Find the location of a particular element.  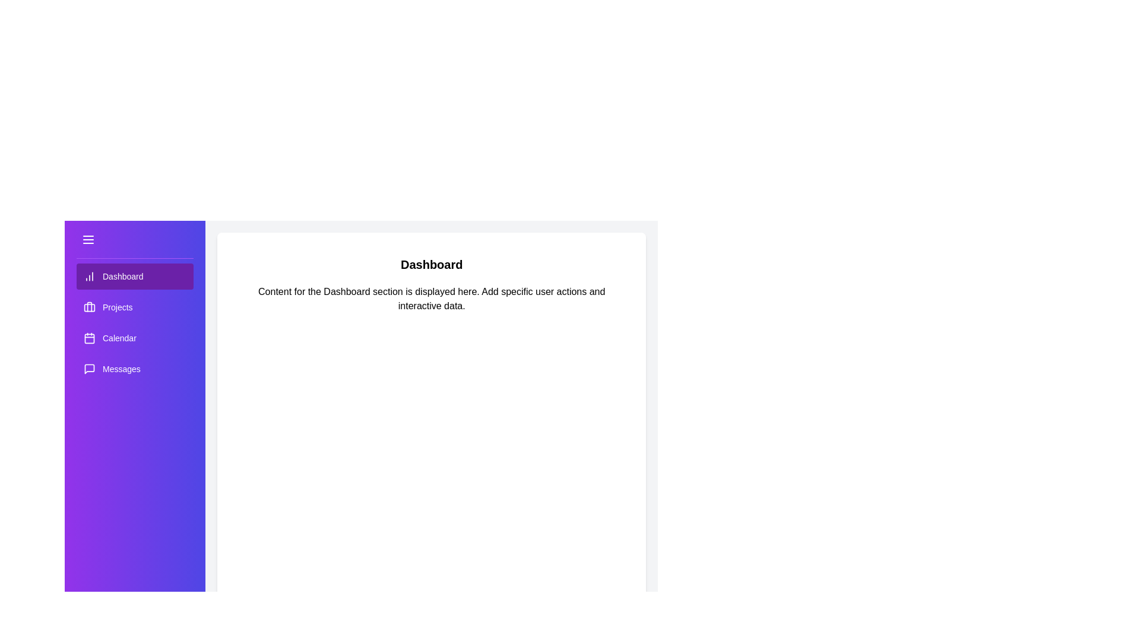

the menu item labeled Projects to switch the content is located at coordinates (135, 306).